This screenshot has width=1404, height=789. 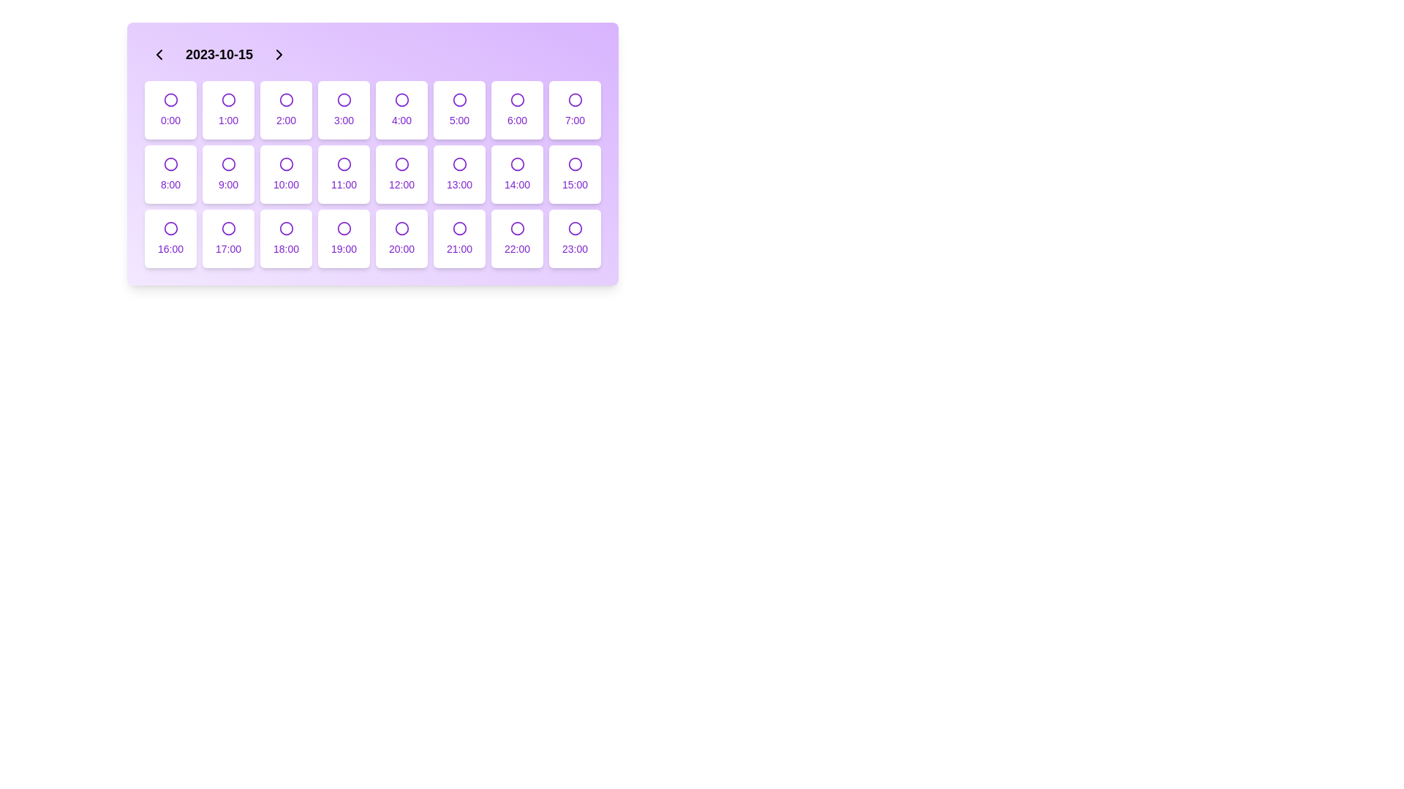 I want to click on the Circle icon representing the selectable option for the hour '21:00', so click(x=458, y=228).